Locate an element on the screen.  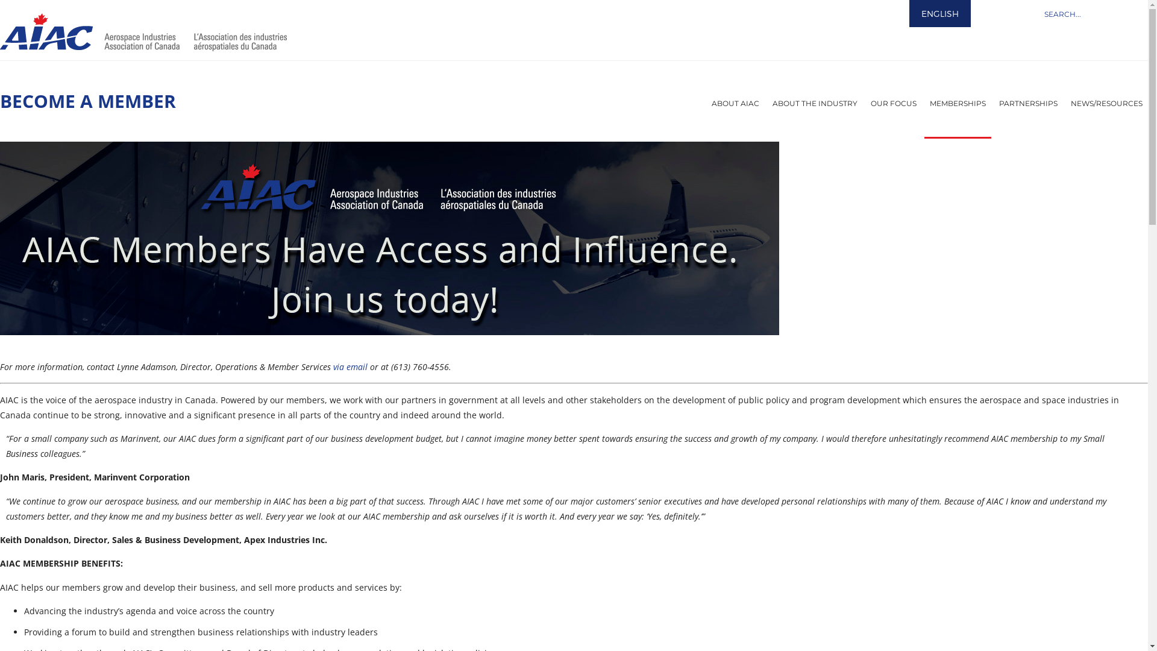
'ABOUT THE INDUSTRY' is located at coordinates (815, 103).